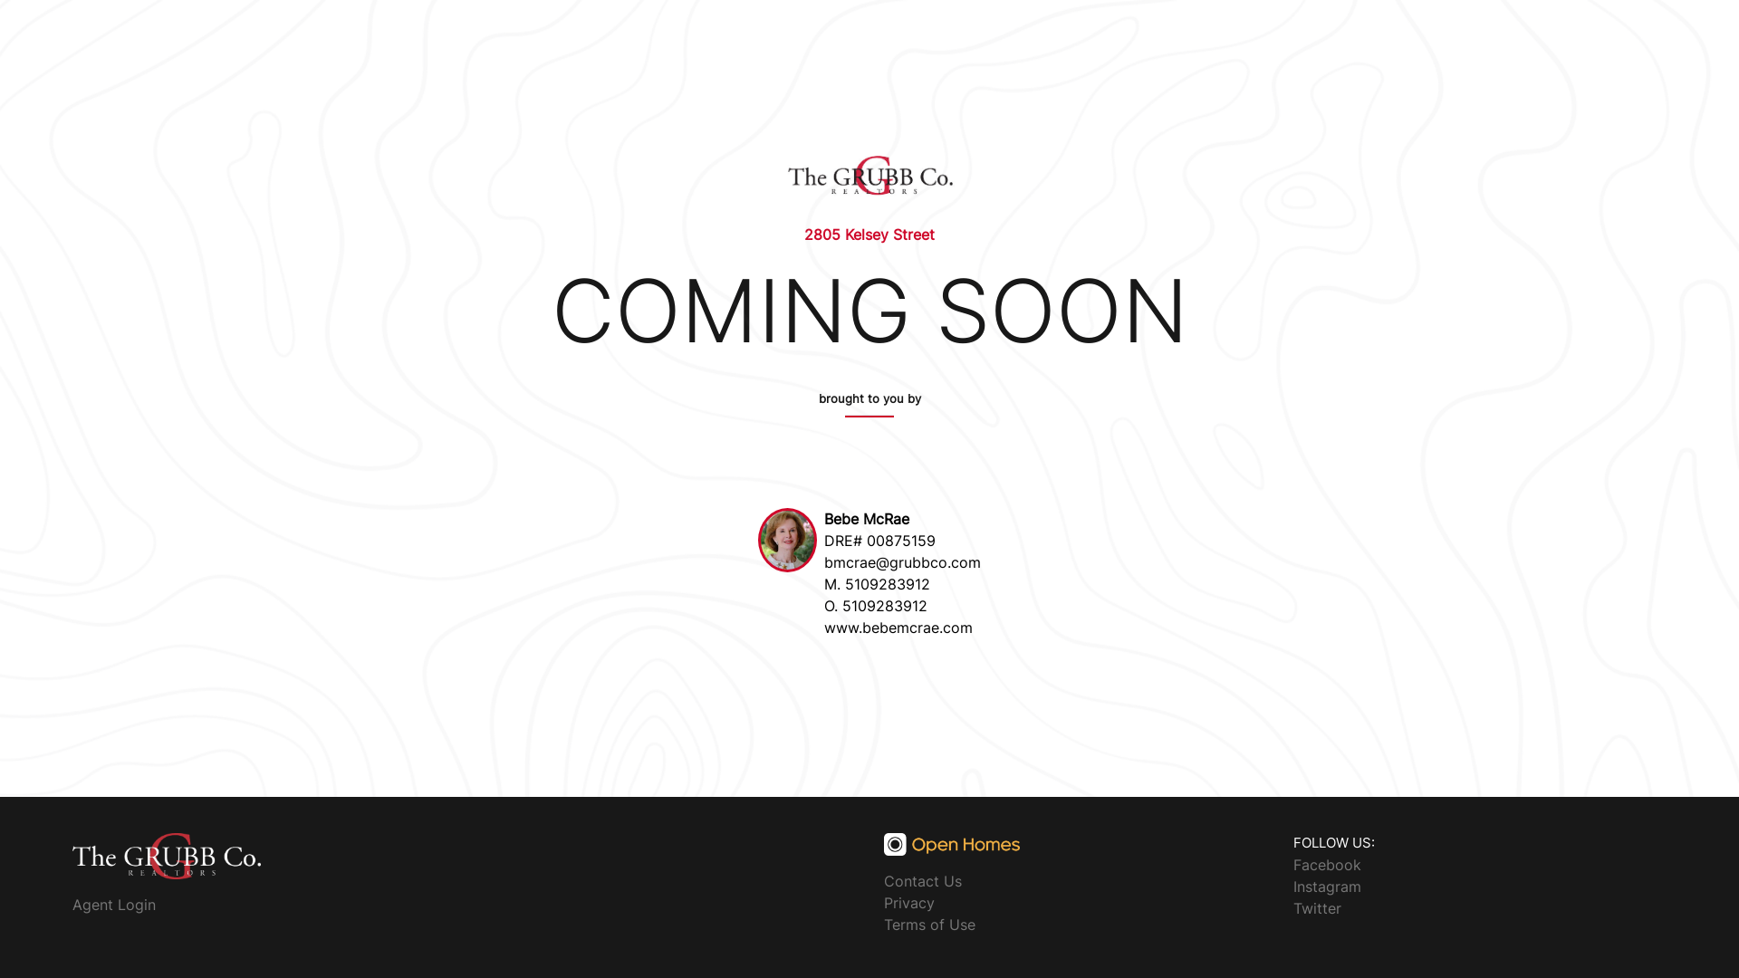 Image resolution: width=1739 pixels, height=978 pixels. Describe the element at coordinates (1327, 885) in the screenshot. I see `'Instagram'` at that location.